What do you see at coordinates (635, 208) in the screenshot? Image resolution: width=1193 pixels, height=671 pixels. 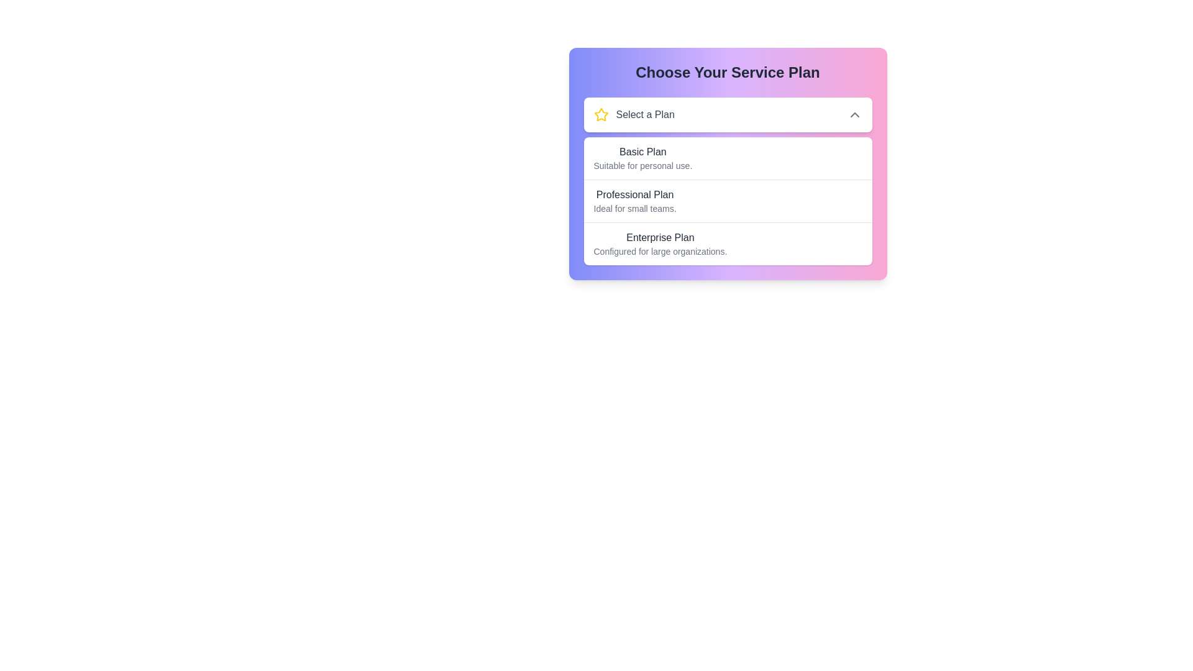 I see `text label that says 'Ideal for small teams.' located beneath the title 'Professional Plan'` at bounding box center [635, 208].